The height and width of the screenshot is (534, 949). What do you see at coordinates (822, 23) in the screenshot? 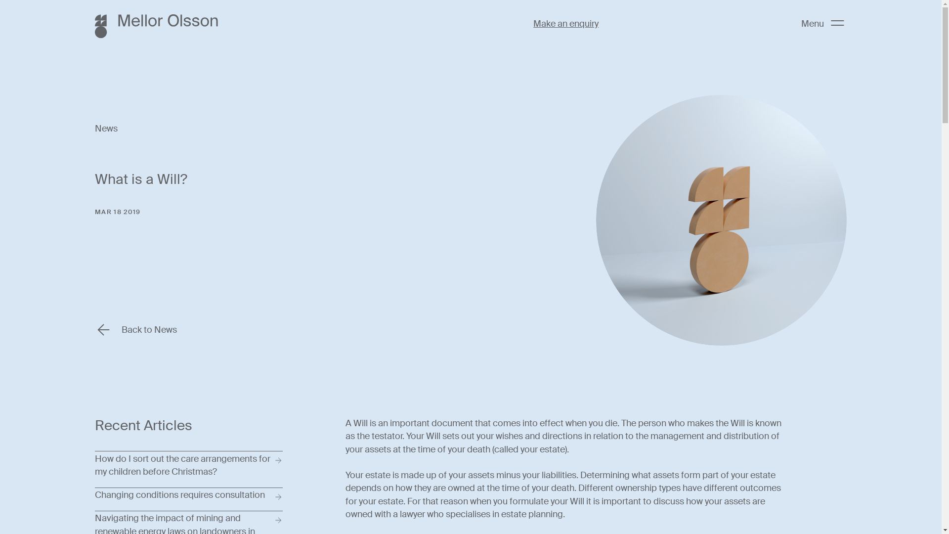
I see `'Menu'` at bounding box center [822, 23].